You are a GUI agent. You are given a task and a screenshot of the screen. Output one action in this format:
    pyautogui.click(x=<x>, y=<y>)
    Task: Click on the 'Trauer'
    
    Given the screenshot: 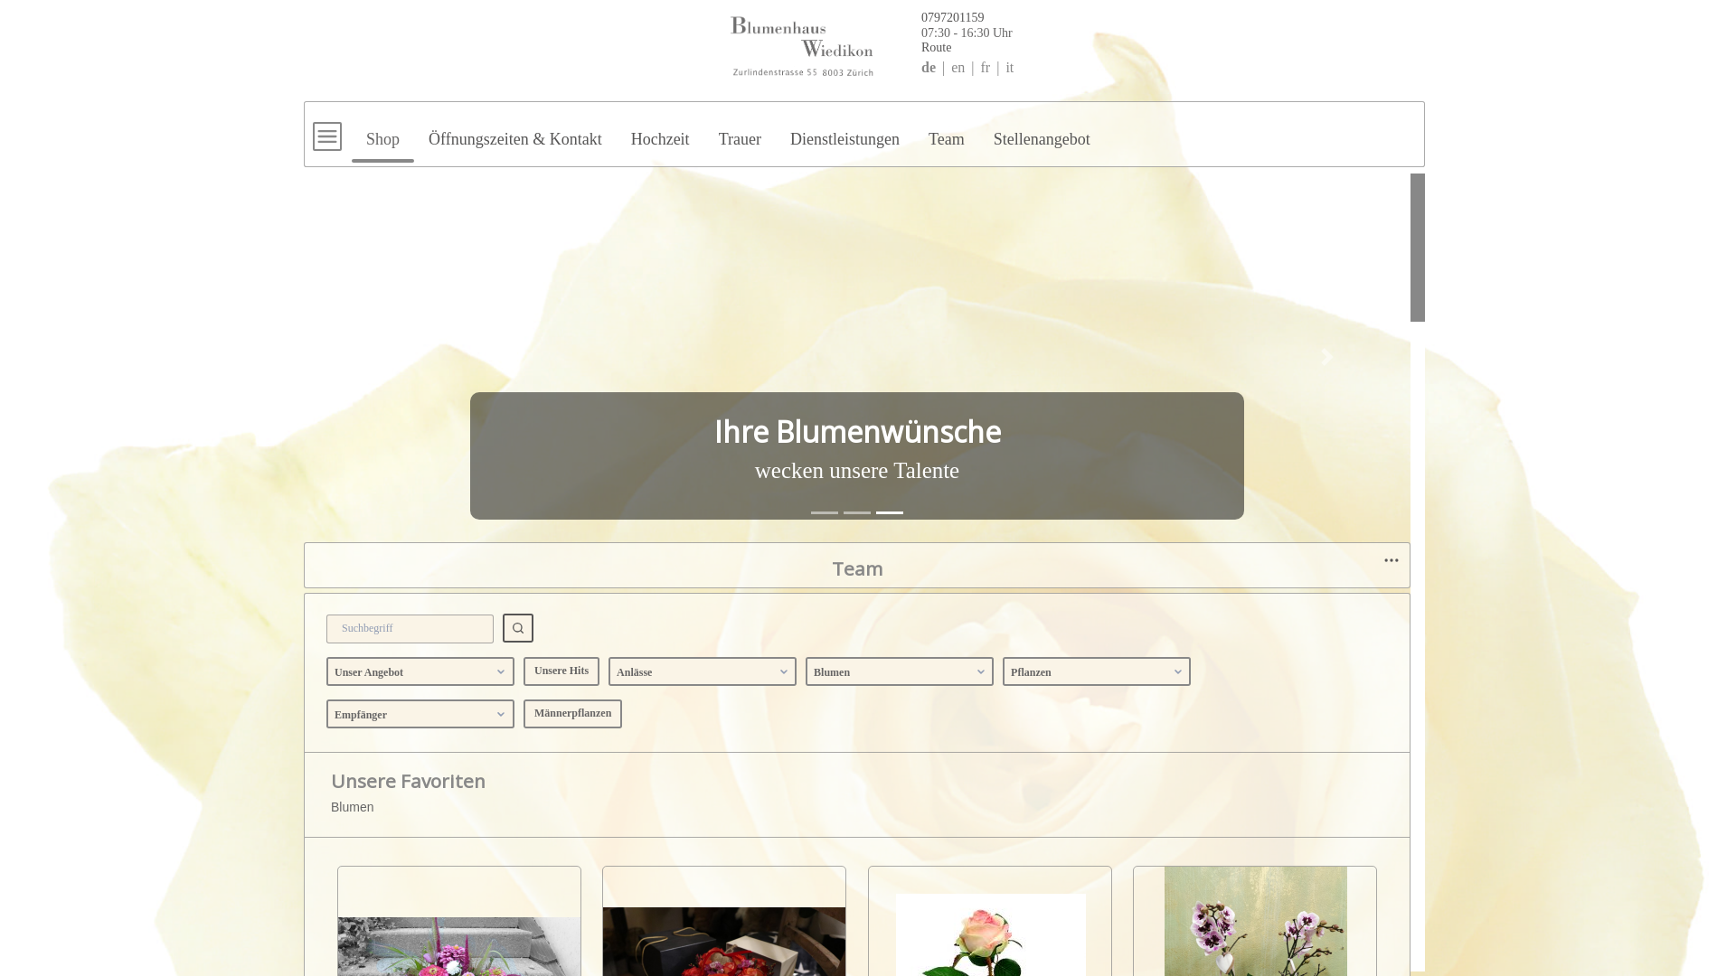 What is the action you would take?
    pyautogui.click(x=740, y=130)
    